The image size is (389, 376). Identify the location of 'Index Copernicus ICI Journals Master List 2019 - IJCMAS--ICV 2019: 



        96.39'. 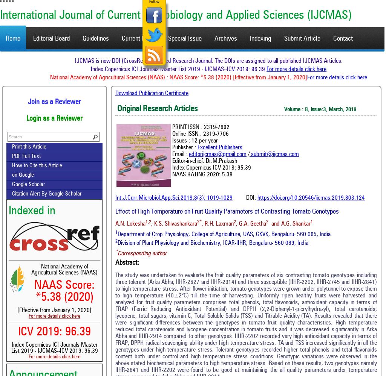
(54, 348).